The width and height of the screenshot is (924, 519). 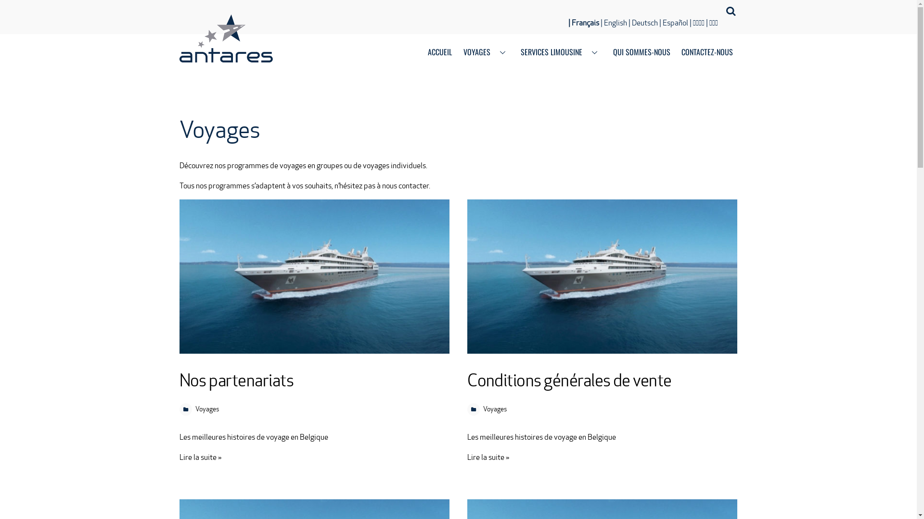 I want to click on 'SERVICES LIMOUSINE', so click(x=561, y=53).